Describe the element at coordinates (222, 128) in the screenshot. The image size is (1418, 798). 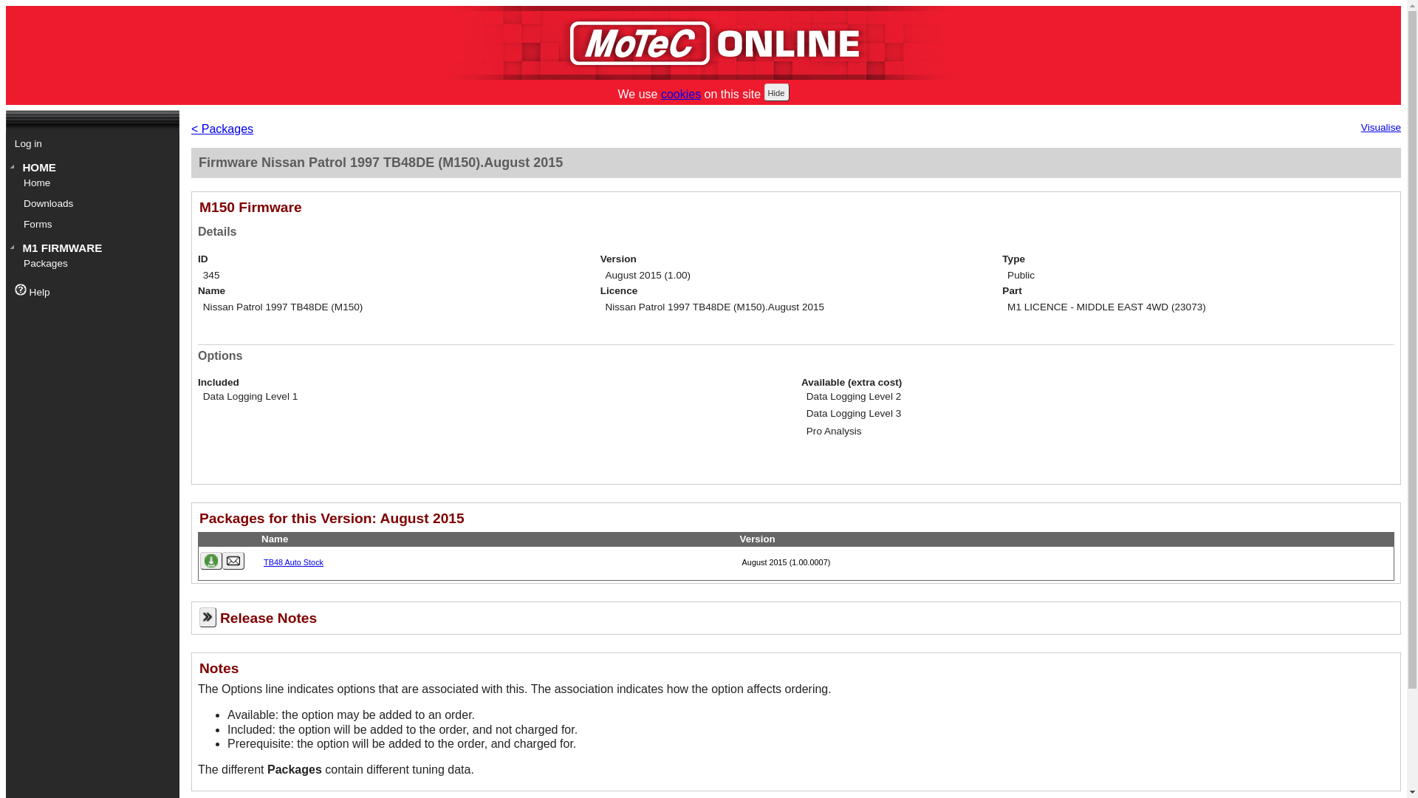
I see `'< Packages'` at that location.